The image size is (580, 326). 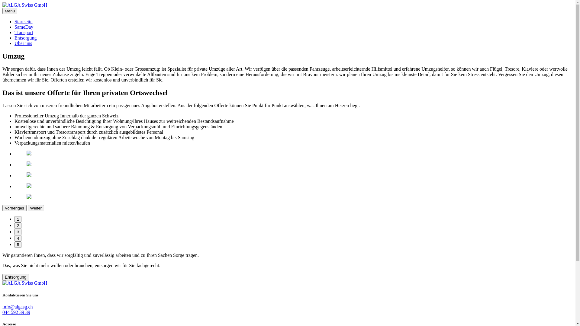 I want to click on '044 592 39 39', so click(x=2, y=312).